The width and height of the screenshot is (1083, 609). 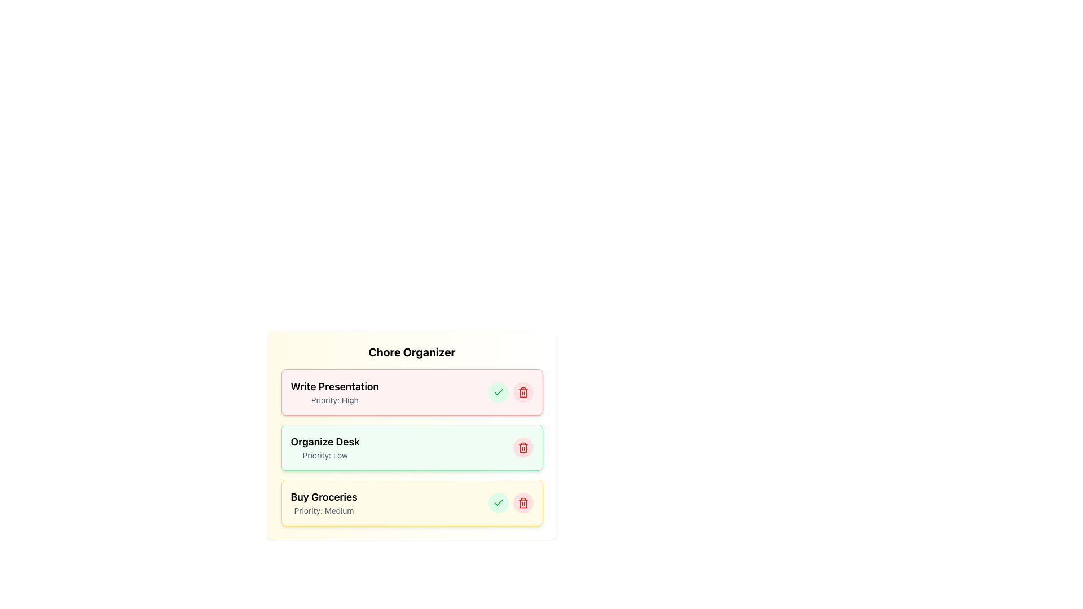 I want to click on the second interactive button intended for deletion actions, located to the right of the green circular confirmation button, so click(x=522, y=391).